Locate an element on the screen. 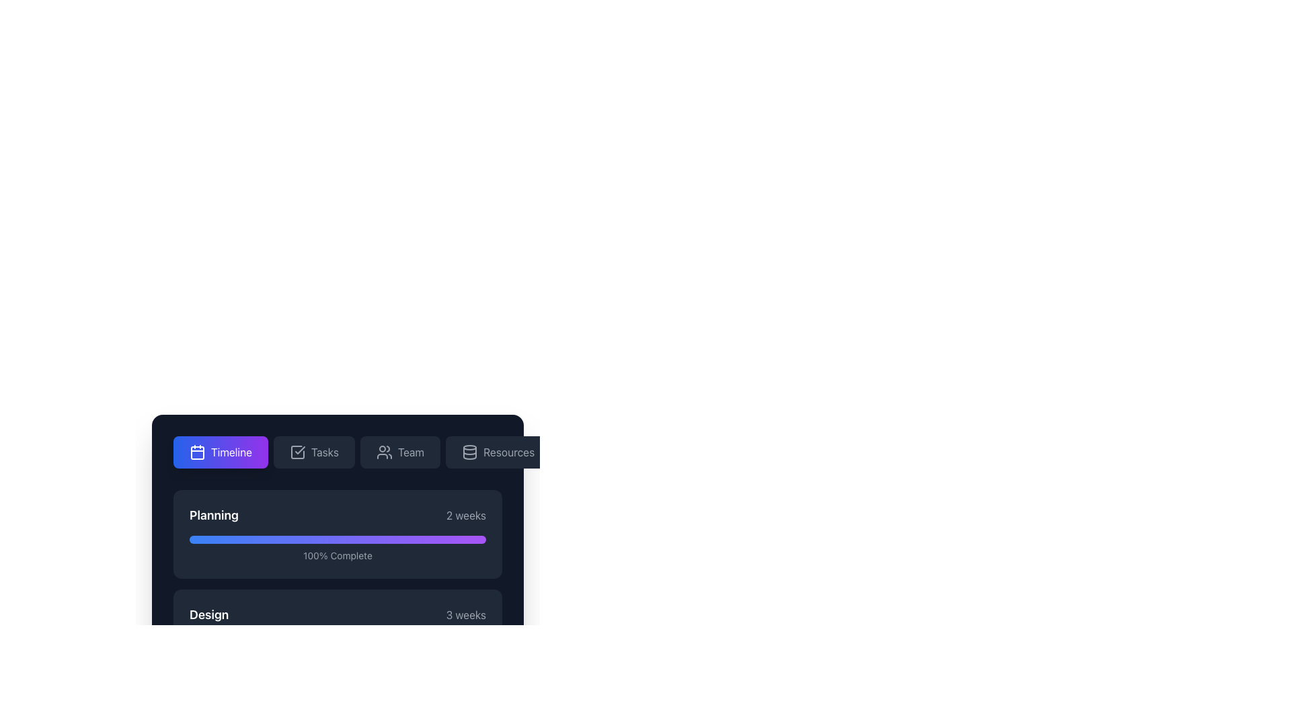 The image size is (1291, 726). the text label reading 'Planning', which is styled with a white font on a dark background, indicating a timeline section header is located at coordinates (213, 515).